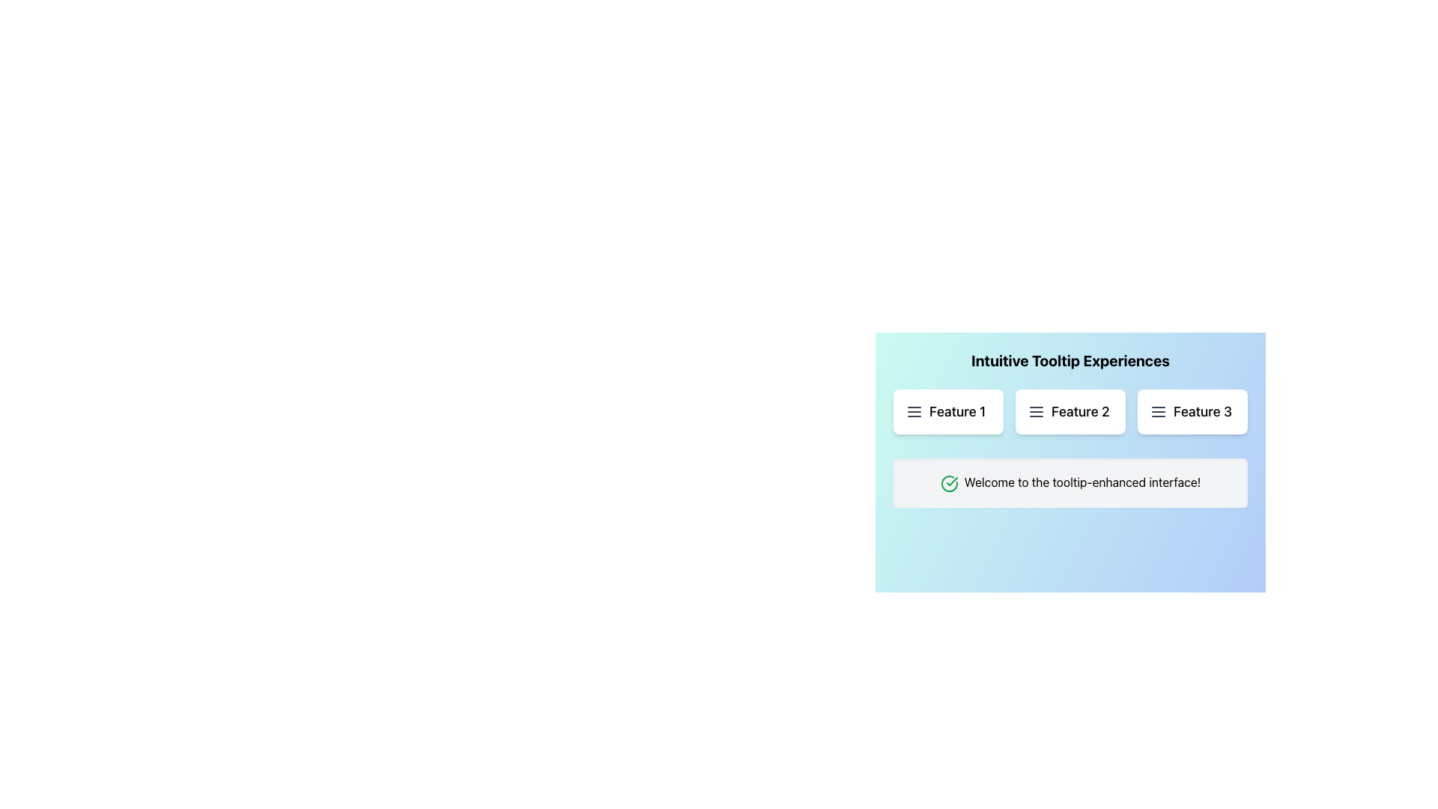 The width and height of the screenshot is (1438, 809). What do you see at coordinates (1070, 361) in the screenshot?
I see `the centered bold text displaying 'Intuitive Tooltip Experiences', which is positioned above other elements and has a large font size with the class 'text-xl font-bold text-center mb-6'` at bounding box center [1070, 361].